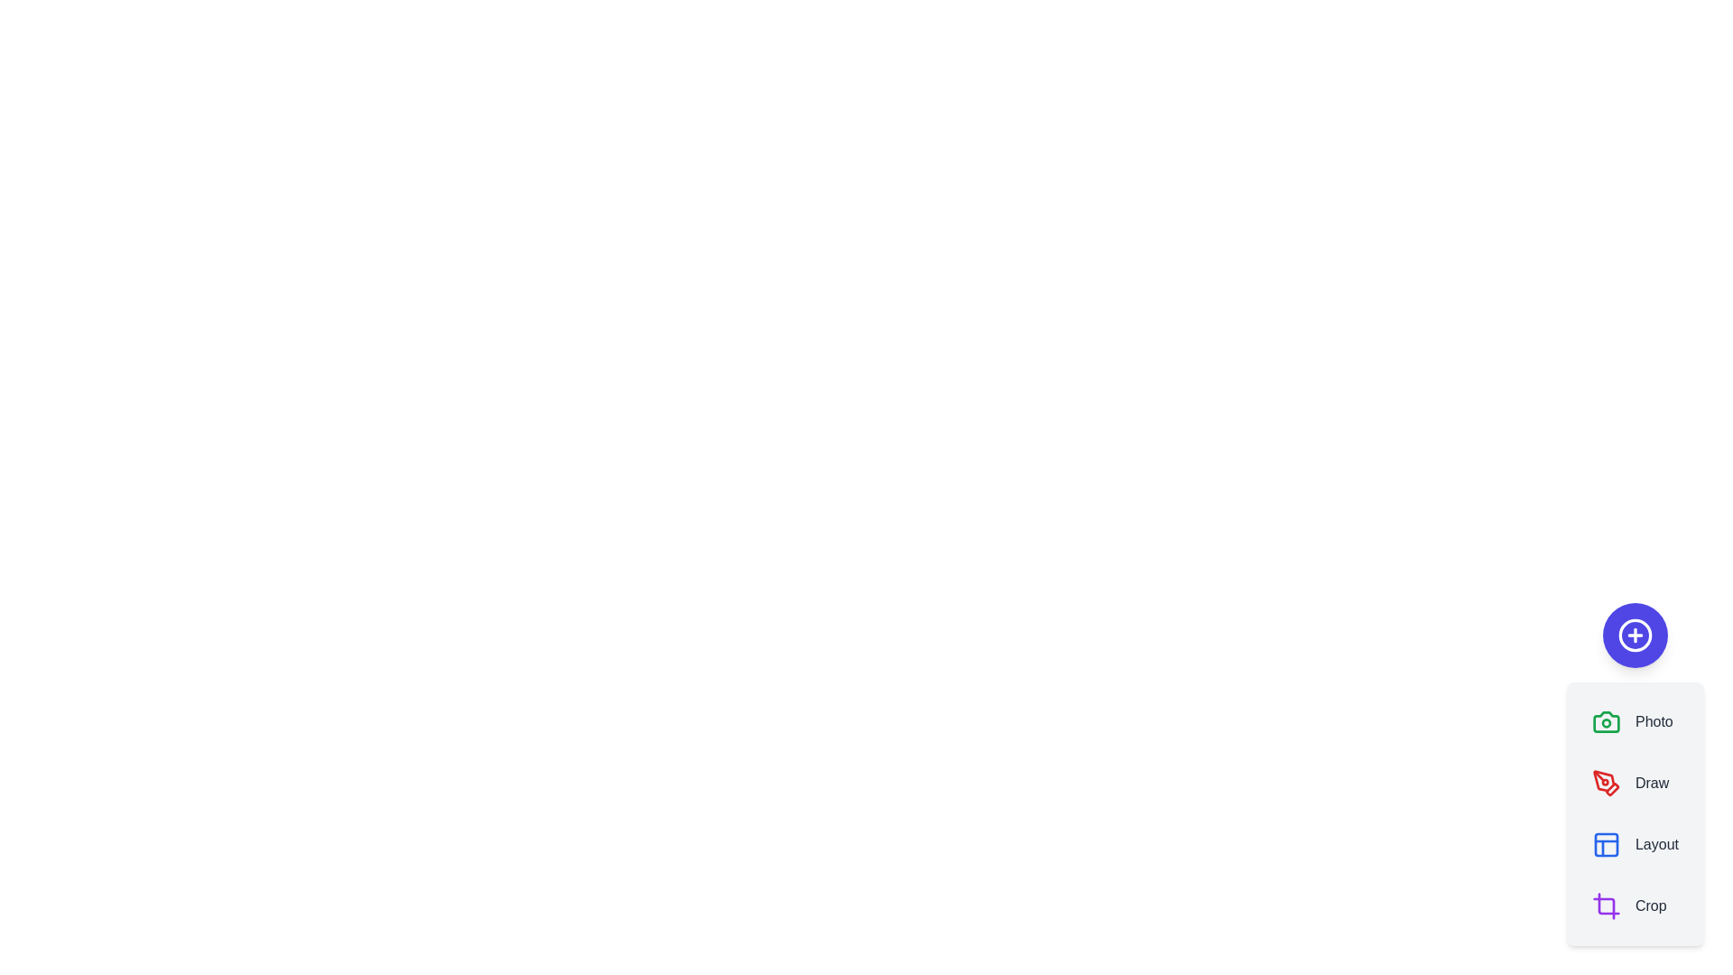  Describe the element at coordinates (450, 450) in the screenshot. I see `the background area outside the component to observe its behavior` at that location.